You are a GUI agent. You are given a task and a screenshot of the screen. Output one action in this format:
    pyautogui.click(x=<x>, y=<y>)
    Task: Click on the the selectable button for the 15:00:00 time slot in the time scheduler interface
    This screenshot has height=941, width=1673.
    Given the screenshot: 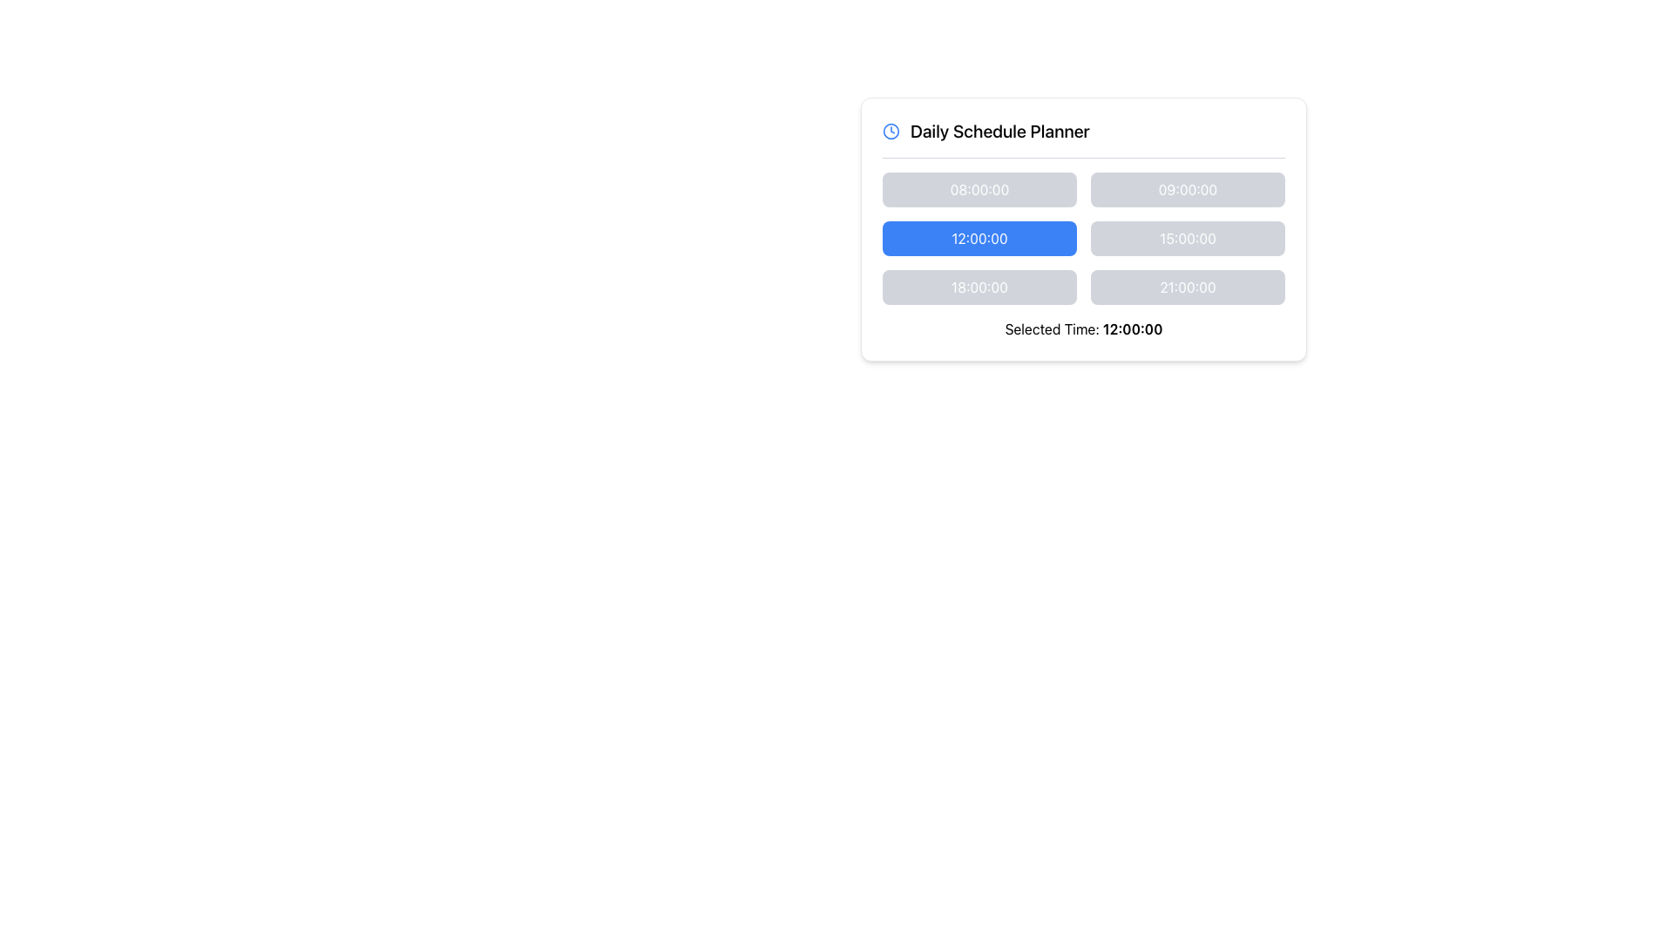 What is the action you would take?
    pyautogui.click(x=1187, y=238)
    